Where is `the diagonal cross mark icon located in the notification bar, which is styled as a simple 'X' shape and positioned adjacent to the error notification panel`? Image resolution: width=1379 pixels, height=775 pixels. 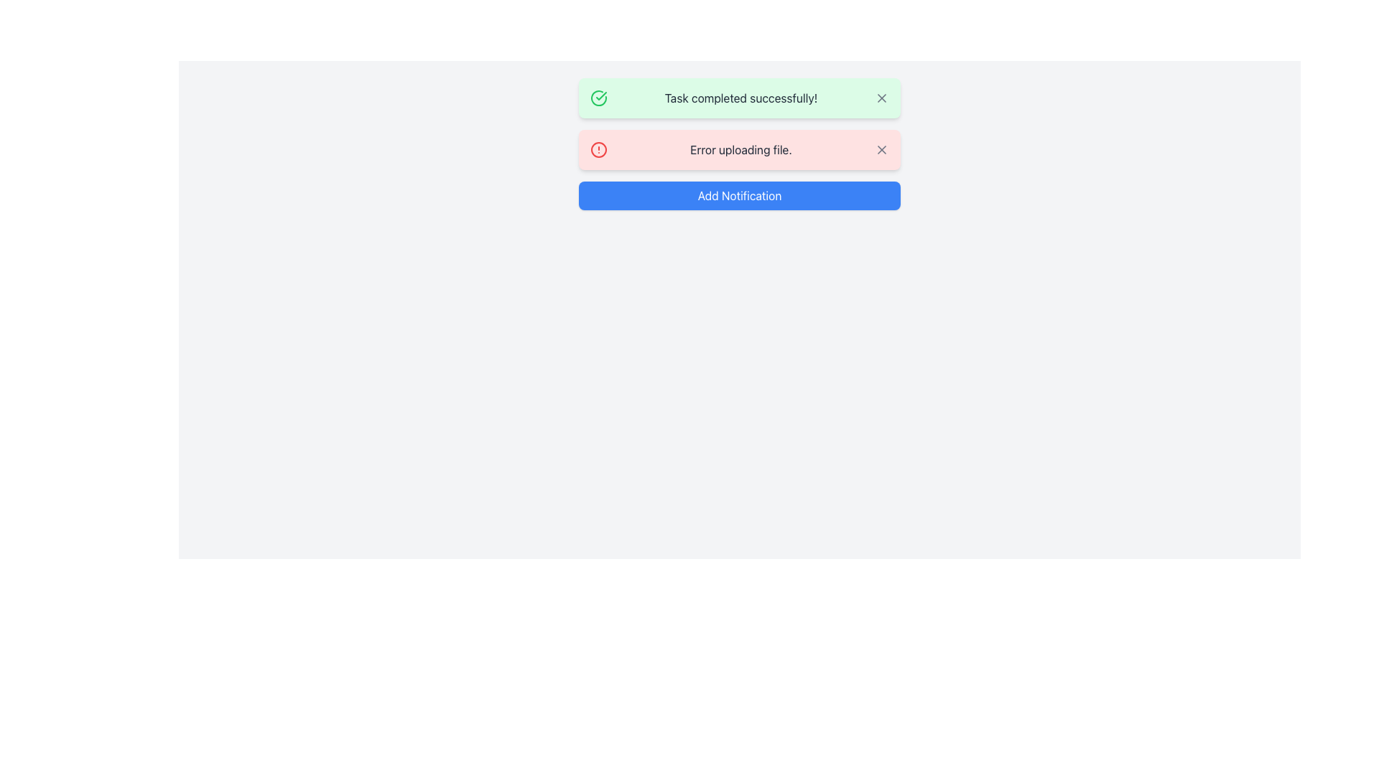 the diagonal cross mark icon located in the notification bar, which is styled as a simple 'X' shape and positioned adjacent to the error notification panel is located at coordinates (881, 149).